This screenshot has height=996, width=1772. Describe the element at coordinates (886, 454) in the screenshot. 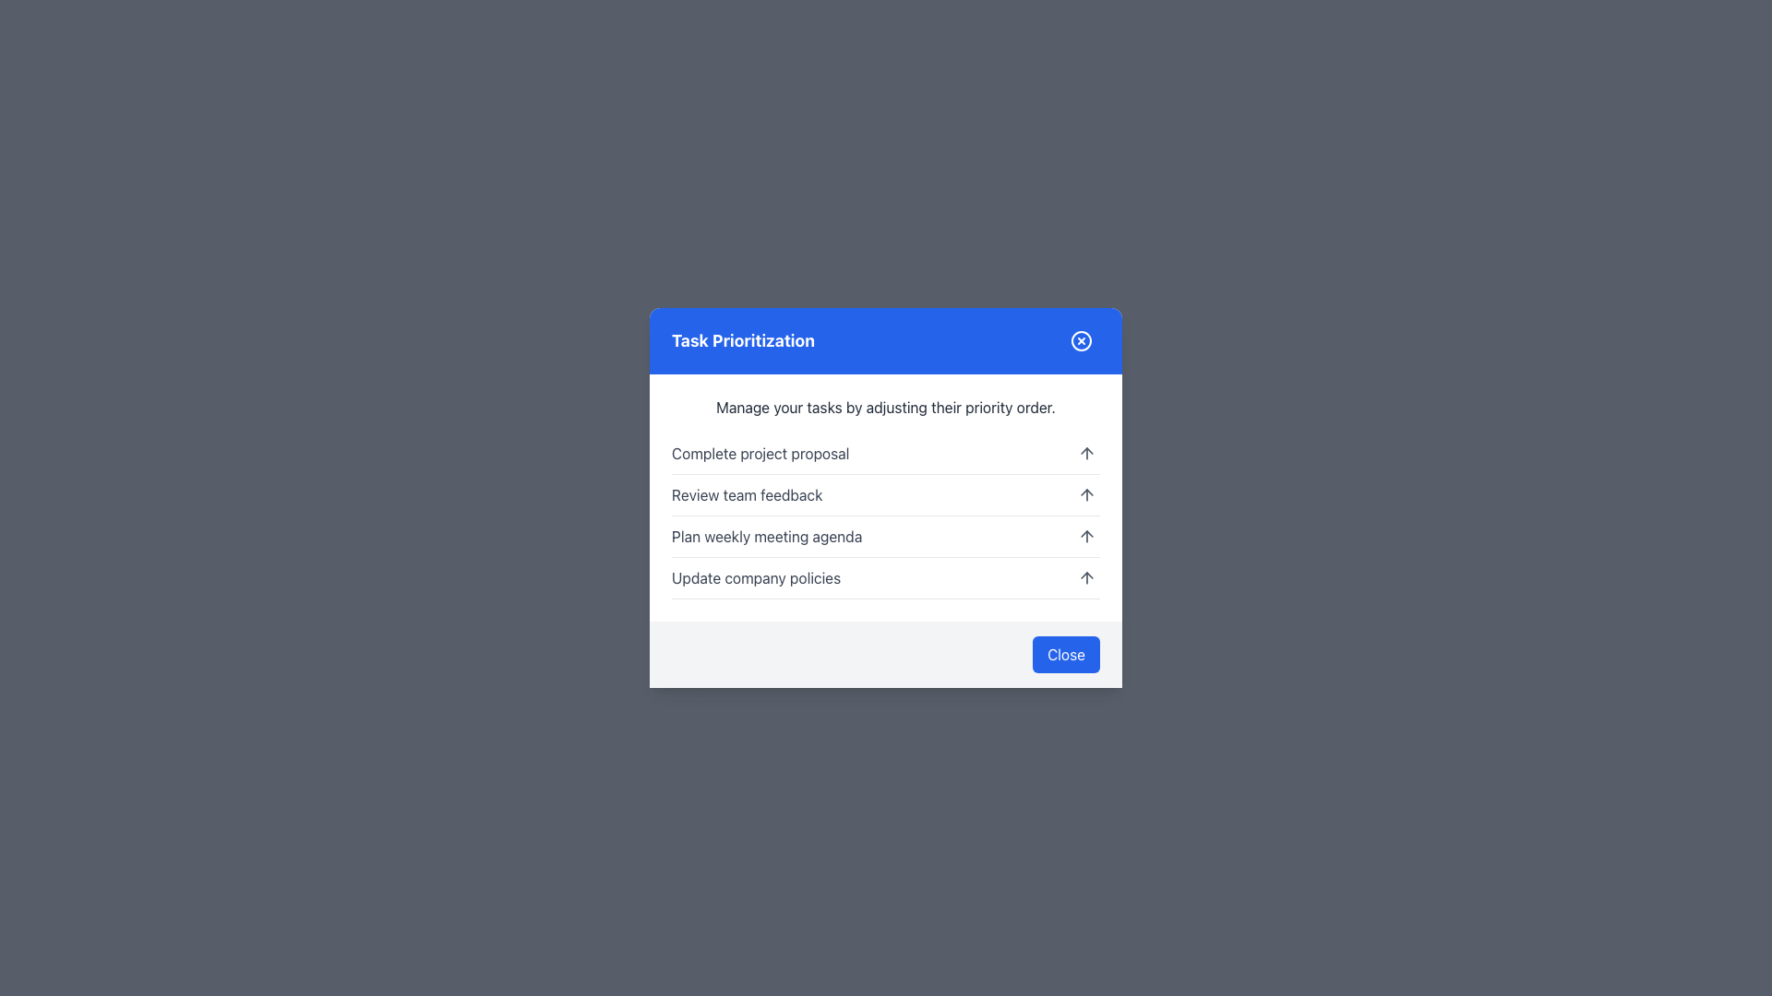

I see `task name displayed in the first list item of the modal labeled 'Task Prioritization,' which reads 'Complete project proposal.'` at that location.